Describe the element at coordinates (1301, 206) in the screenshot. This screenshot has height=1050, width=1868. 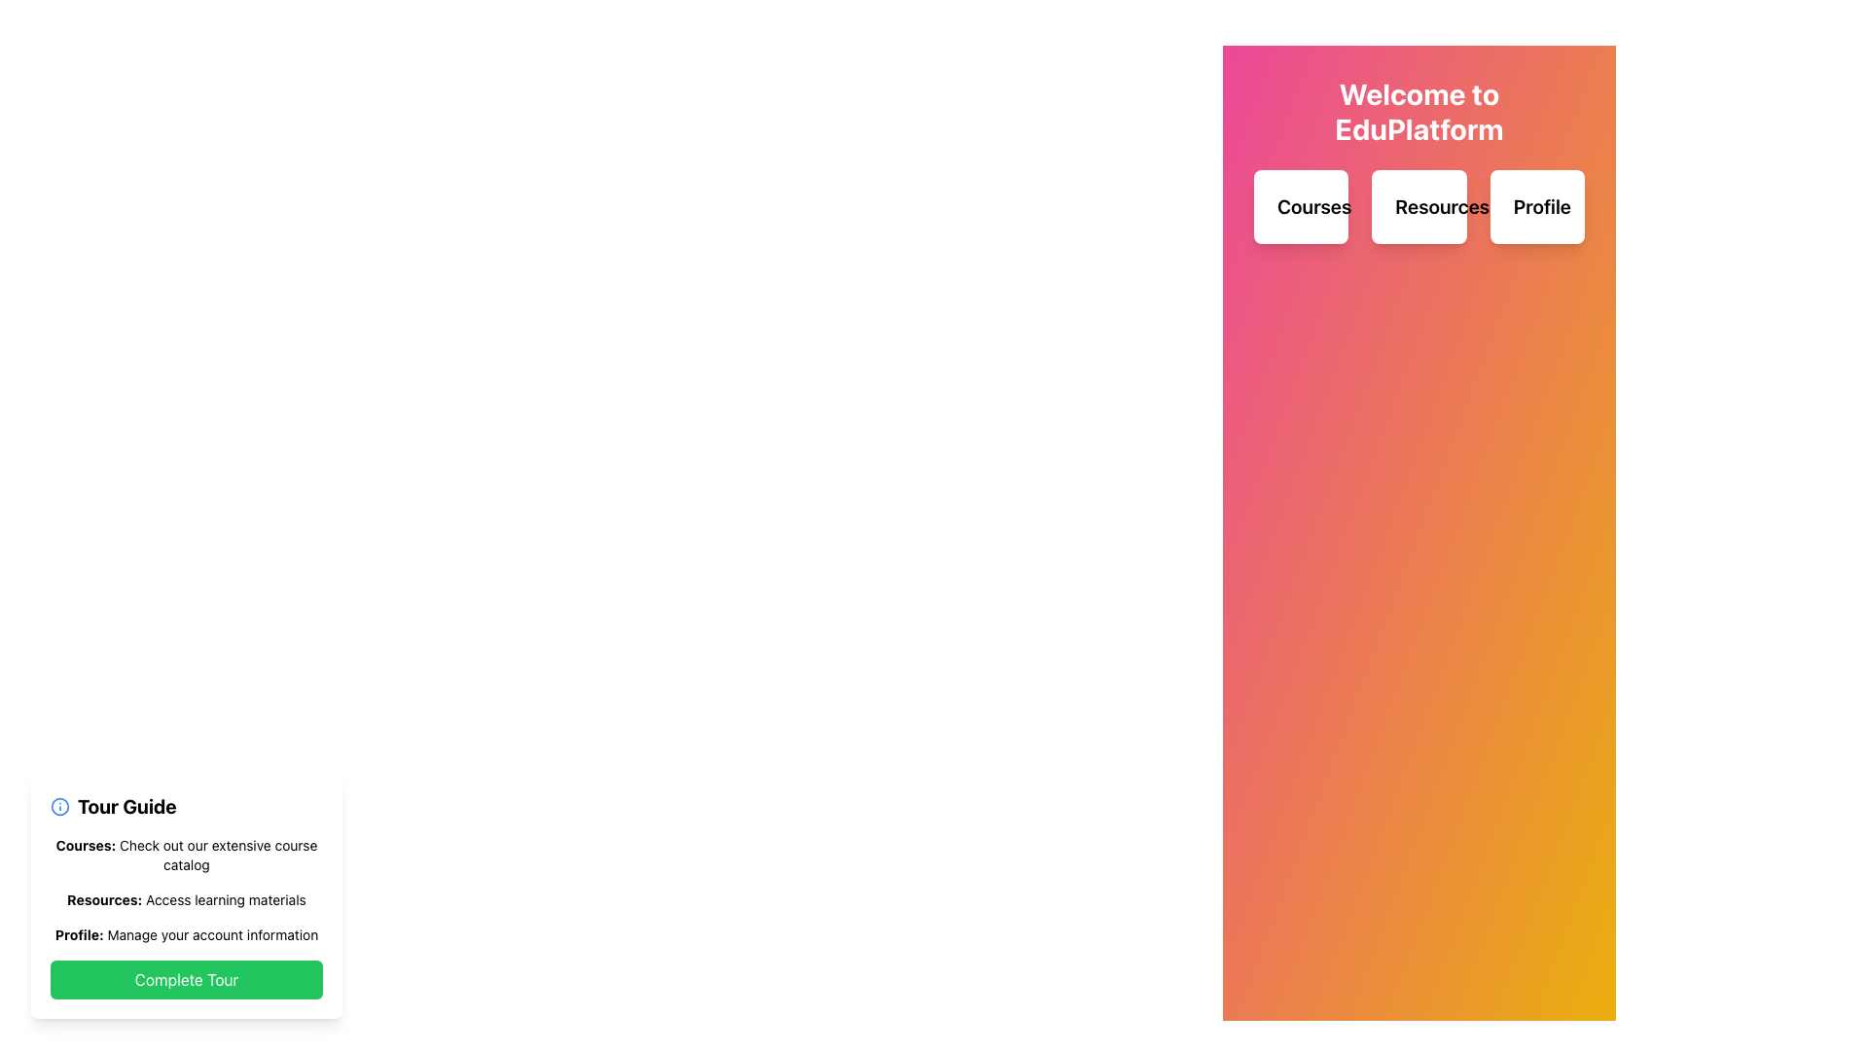
I see `the navigational button for courses located in the upper-middle region of the interface` at that location.